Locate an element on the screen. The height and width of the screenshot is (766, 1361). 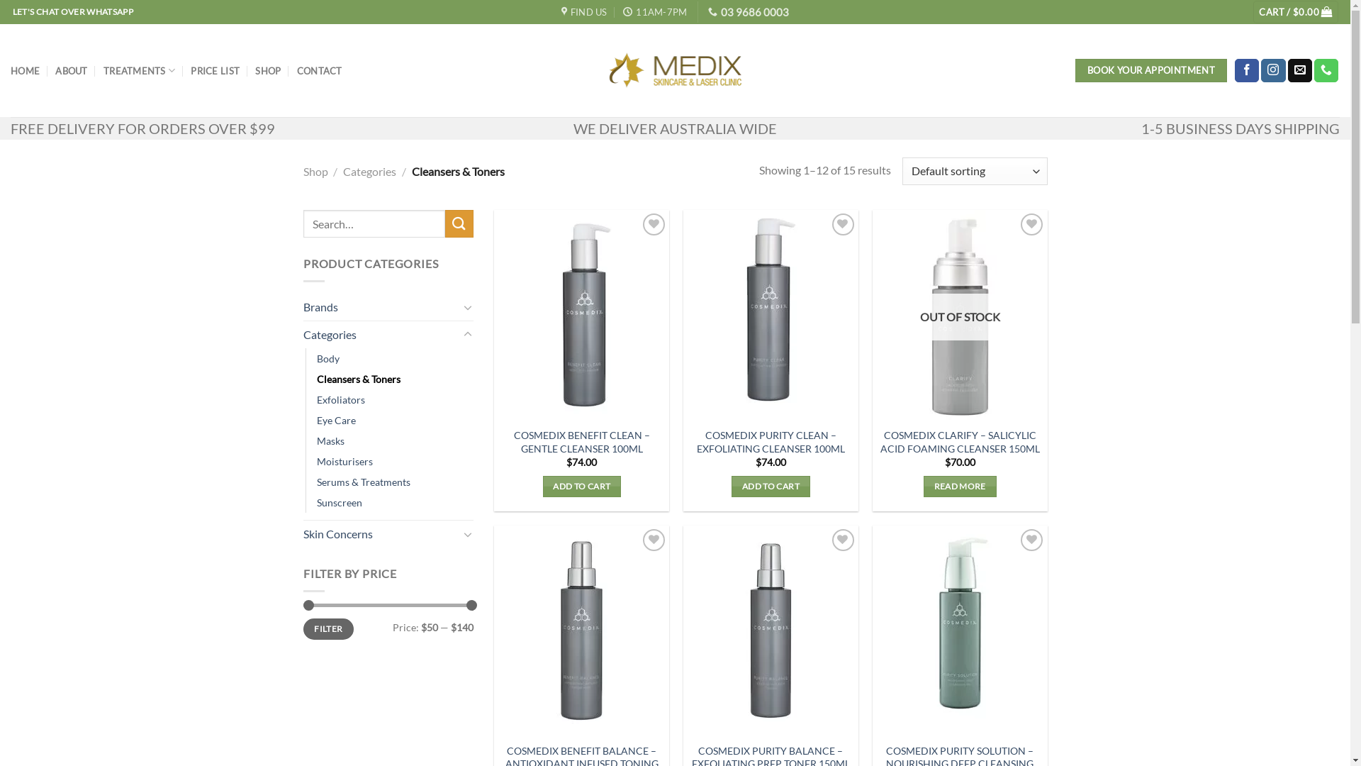
'Cleansers & Toners' is located at coordinates (357, 378).